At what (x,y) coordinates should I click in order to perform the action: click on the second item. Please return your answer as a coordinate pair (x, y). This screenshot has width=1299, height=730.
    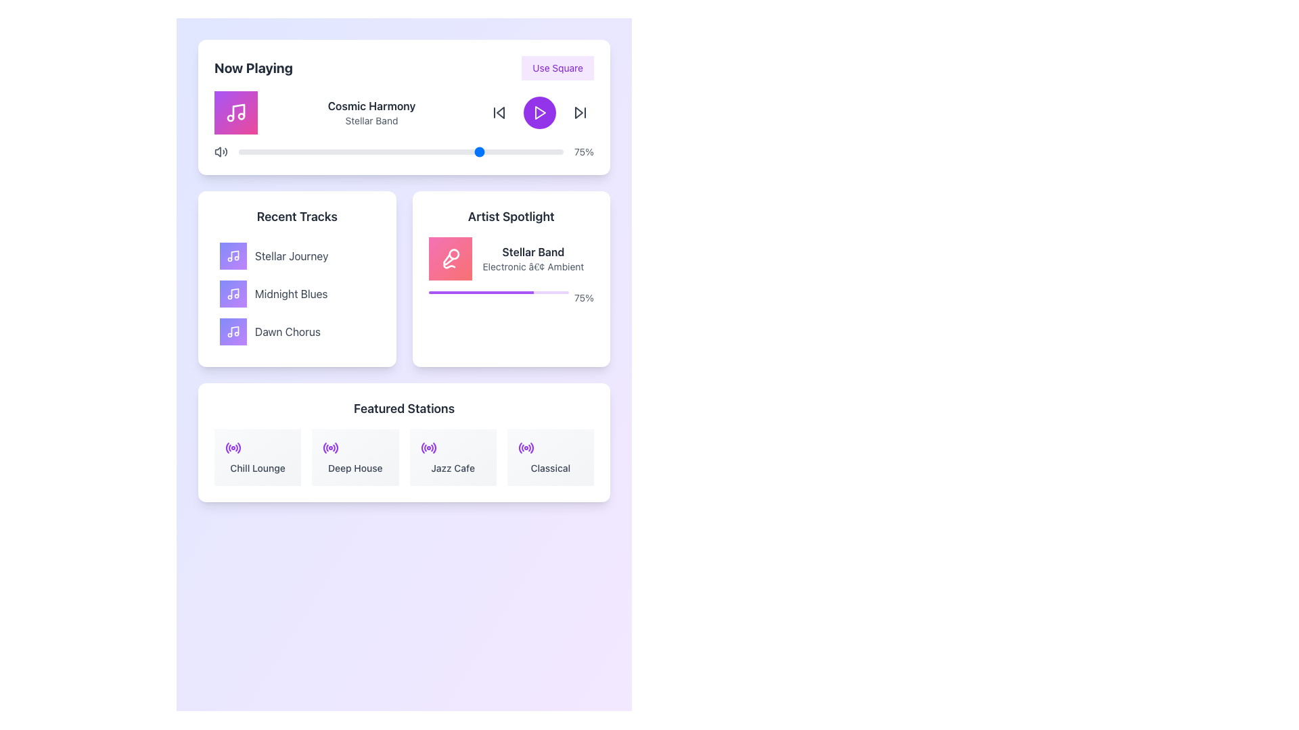
    Looking at the image, I should click on (296, 293).